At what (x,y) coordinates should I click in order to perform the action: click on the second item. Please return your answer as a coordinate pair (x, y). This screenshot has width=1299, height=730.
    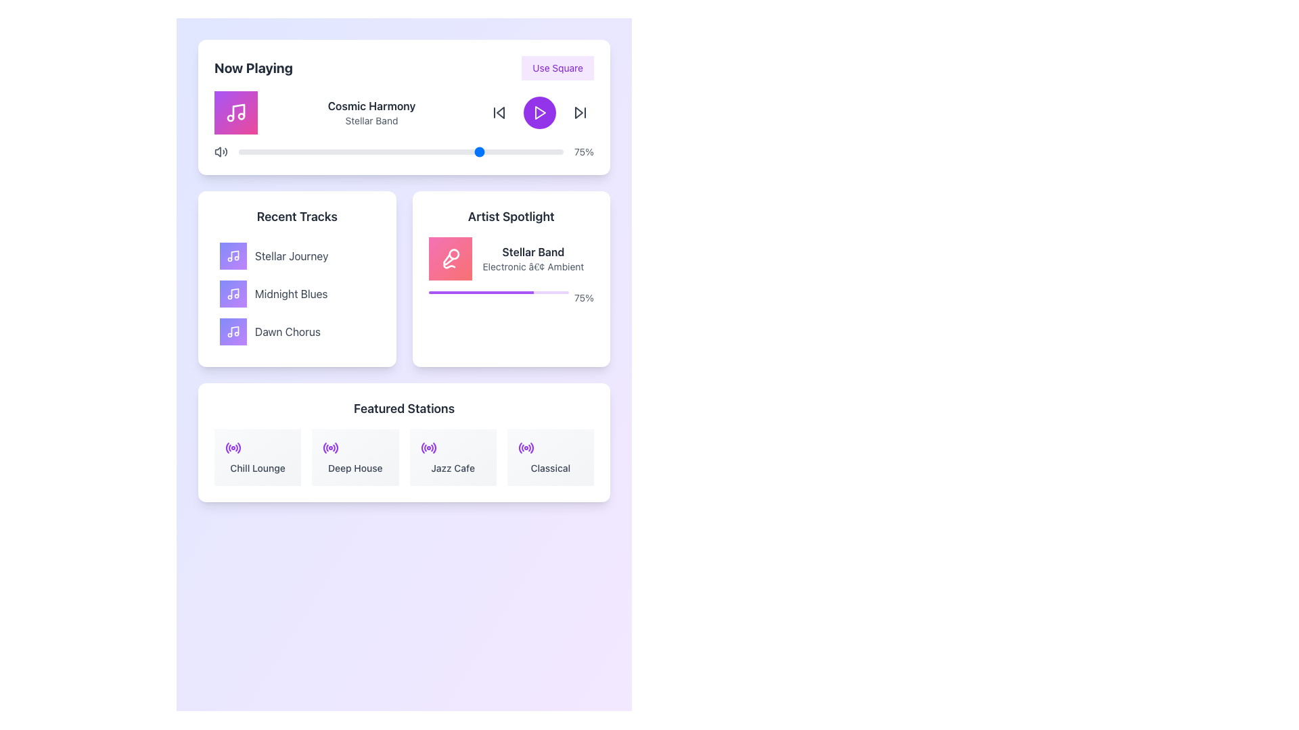
    Looking at the image, I should click on (296, 293).